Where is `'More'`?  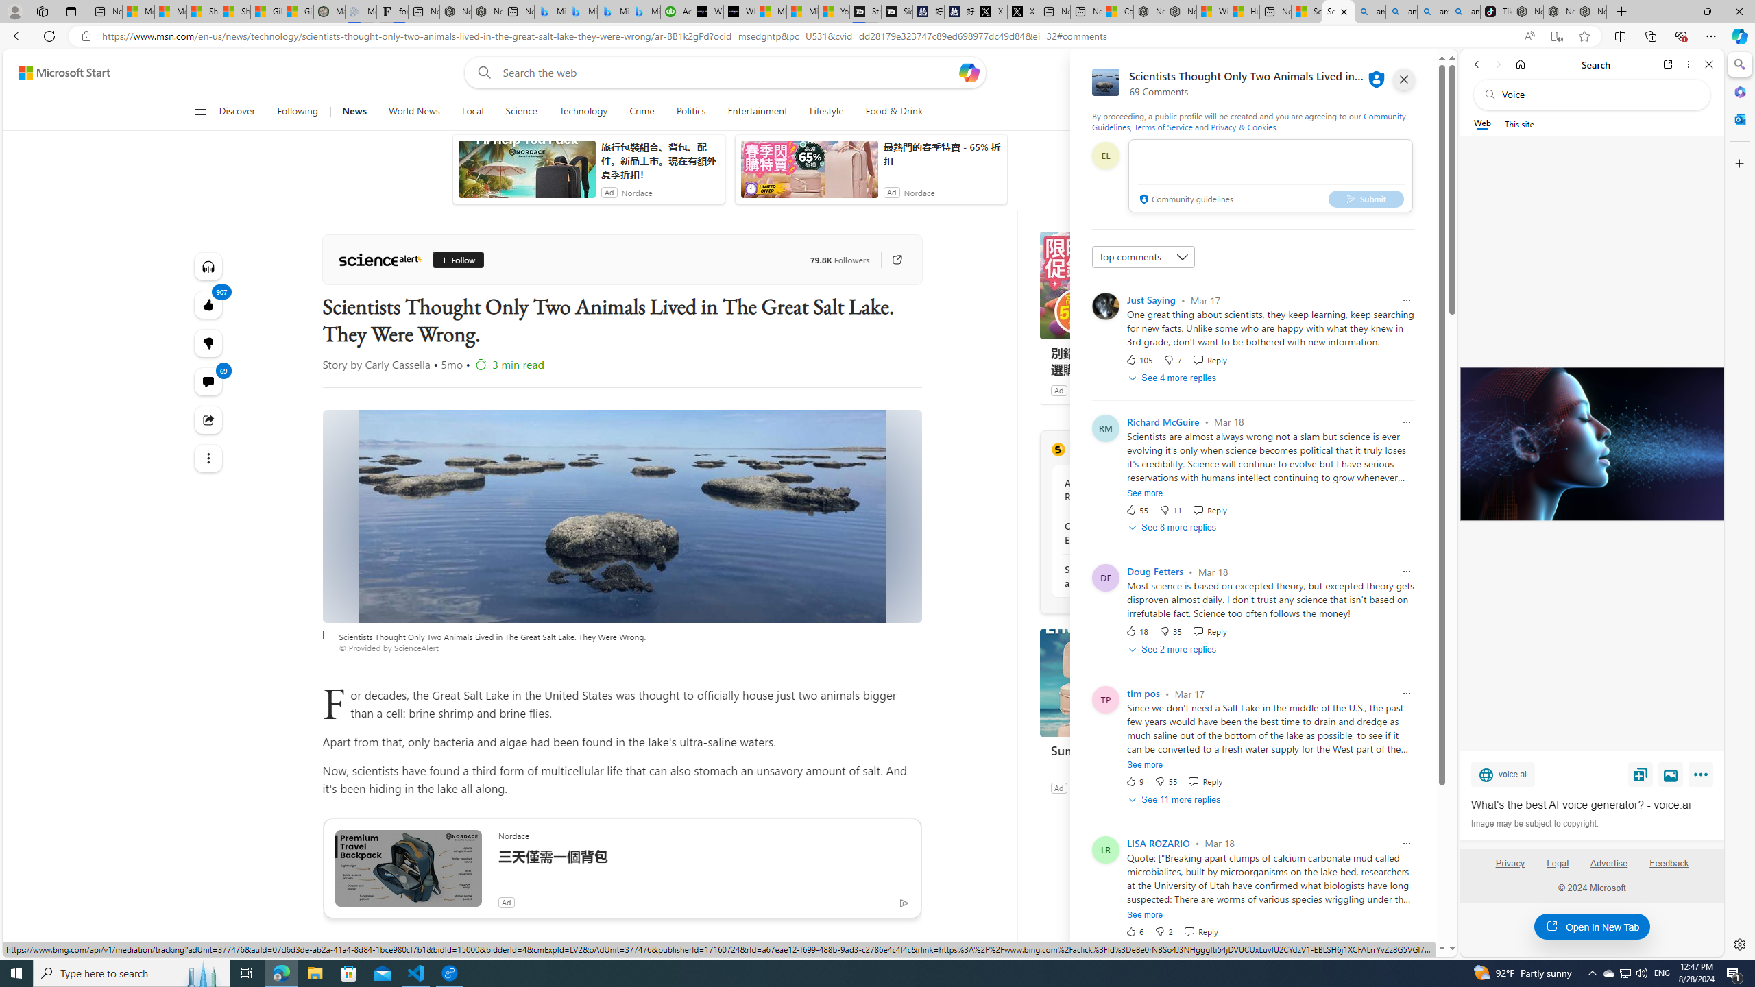
'More' is located at coordinates (1702, 777).